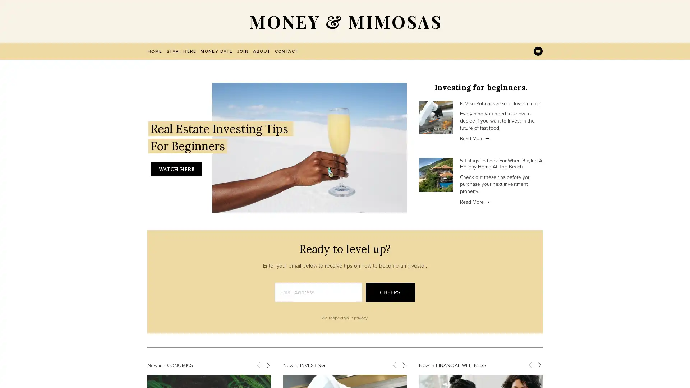 Image resolution: width=690 pixels, height=388 pixels. Describe the element at coordinates (412, 214) in the screenshot. I see `Yes, I love Money & Mimosas.` at that location.